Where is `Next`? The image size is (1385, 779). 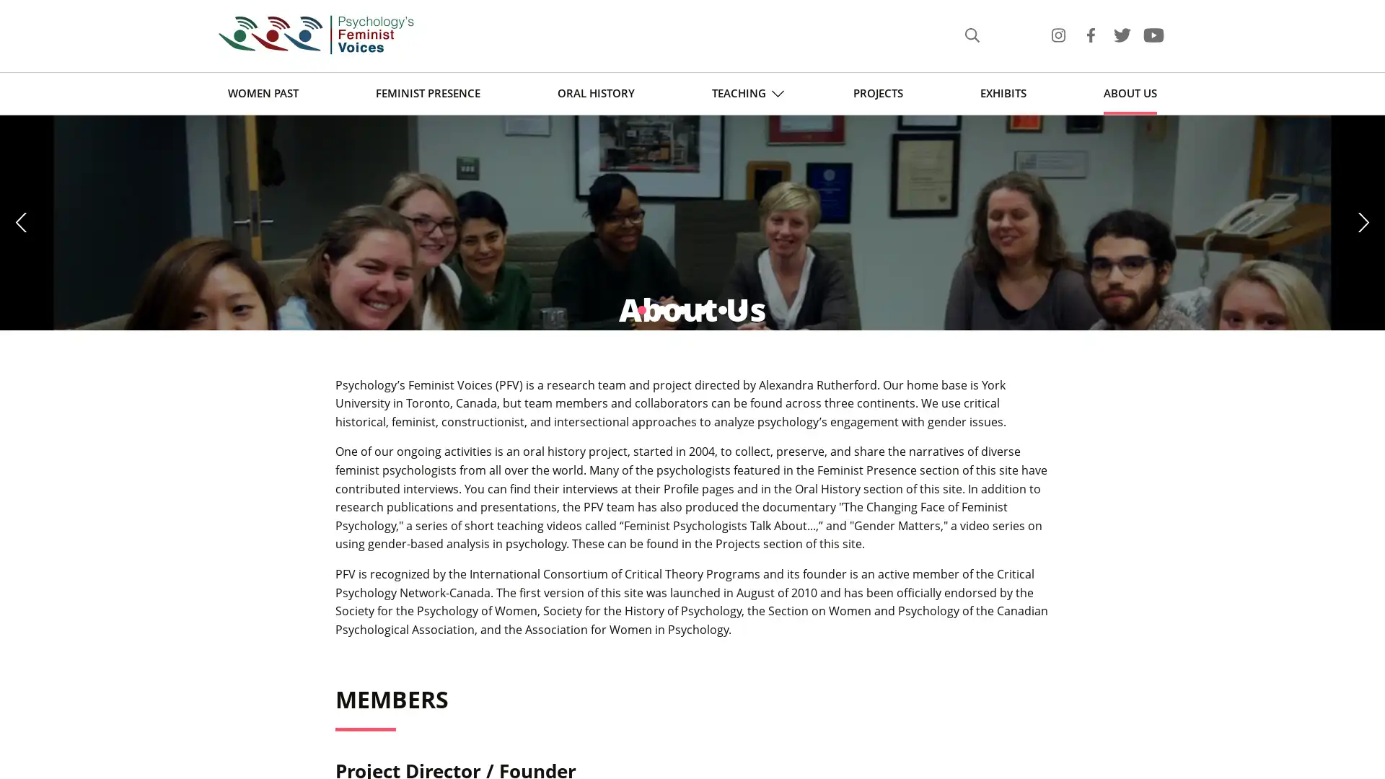
Next is located at coordinates (1360, 316).